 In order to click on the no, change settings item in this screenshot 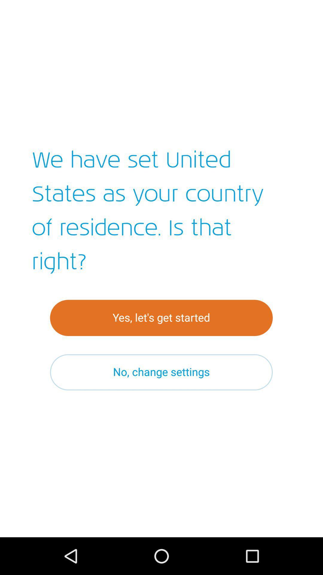, I will do `click(161, 372)`.